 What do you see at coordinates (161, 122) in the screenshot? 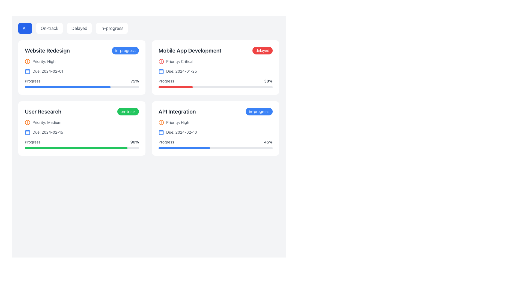
I see `the high priority status icon located in the 'Priority: High' label of the 'API Integration' card in the bottom-right corner of the interface` at bounding box center [161, 122].